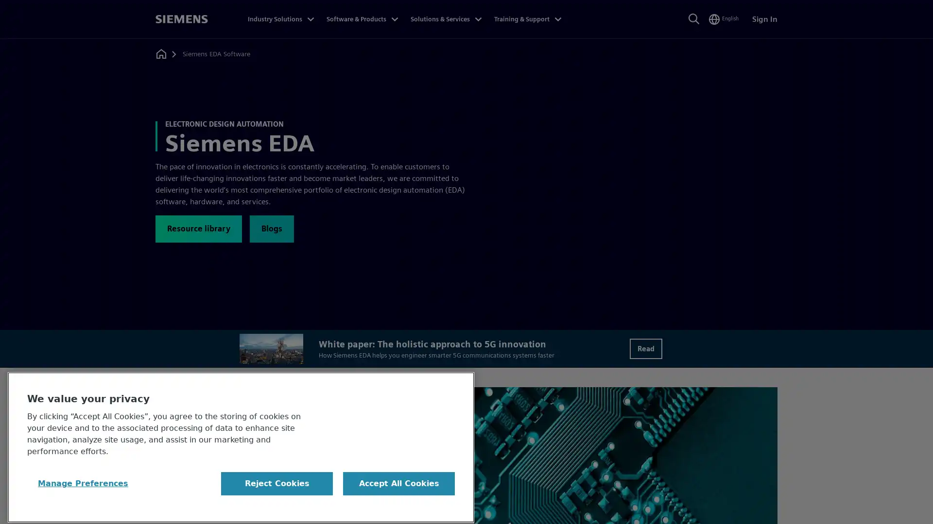 Image resolution: width=933 pixels, height=524 pixels. Describe the element at coordinates (276, 476) in the screenshot. I see `Reject Cookies` at that location.